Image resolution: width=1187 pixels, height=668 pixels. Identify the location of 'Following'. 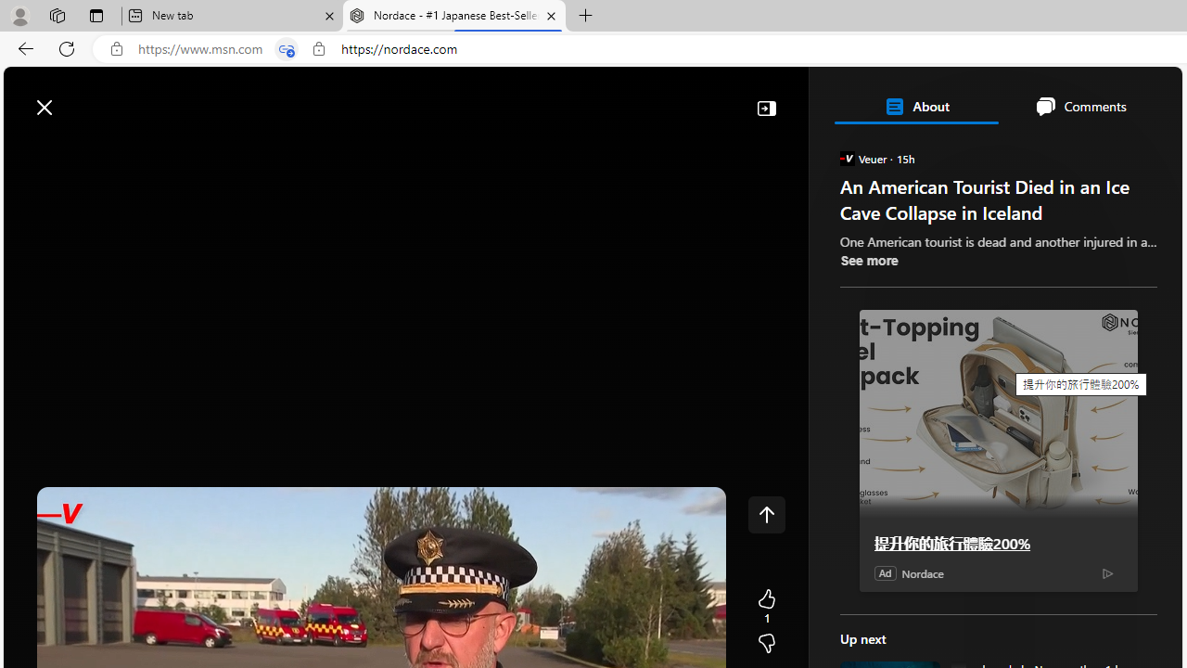
(160, 150).